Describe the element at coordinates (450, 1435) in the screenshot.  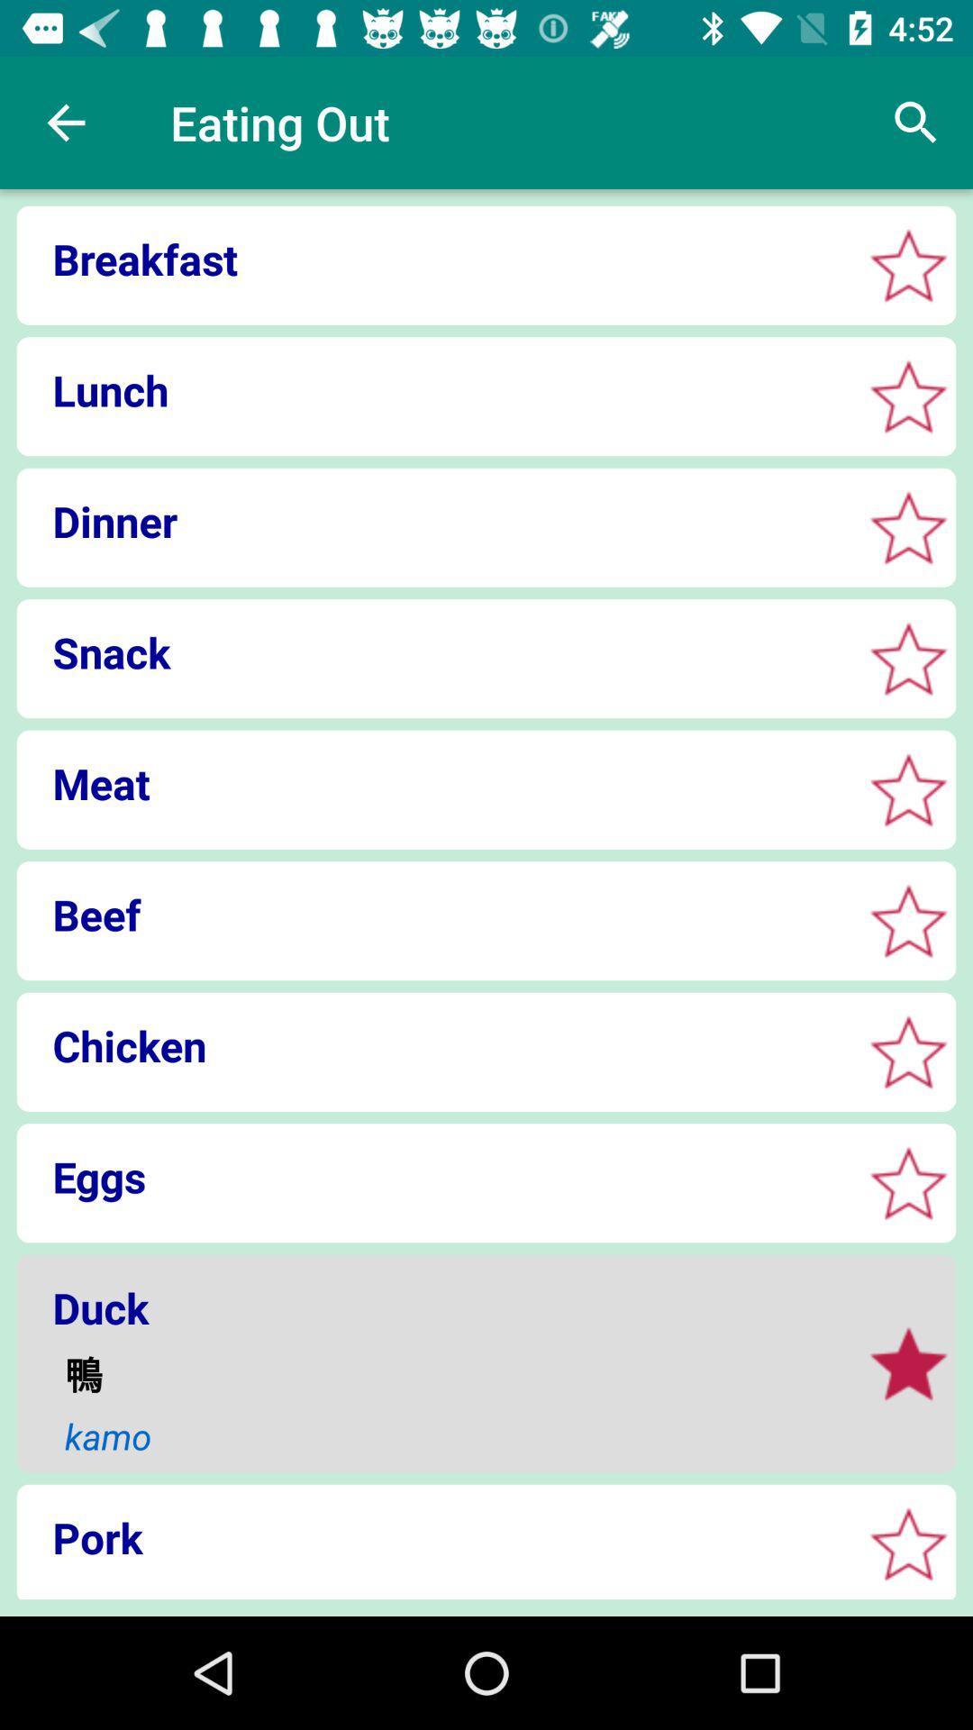
I see `the kamo item` at that location.